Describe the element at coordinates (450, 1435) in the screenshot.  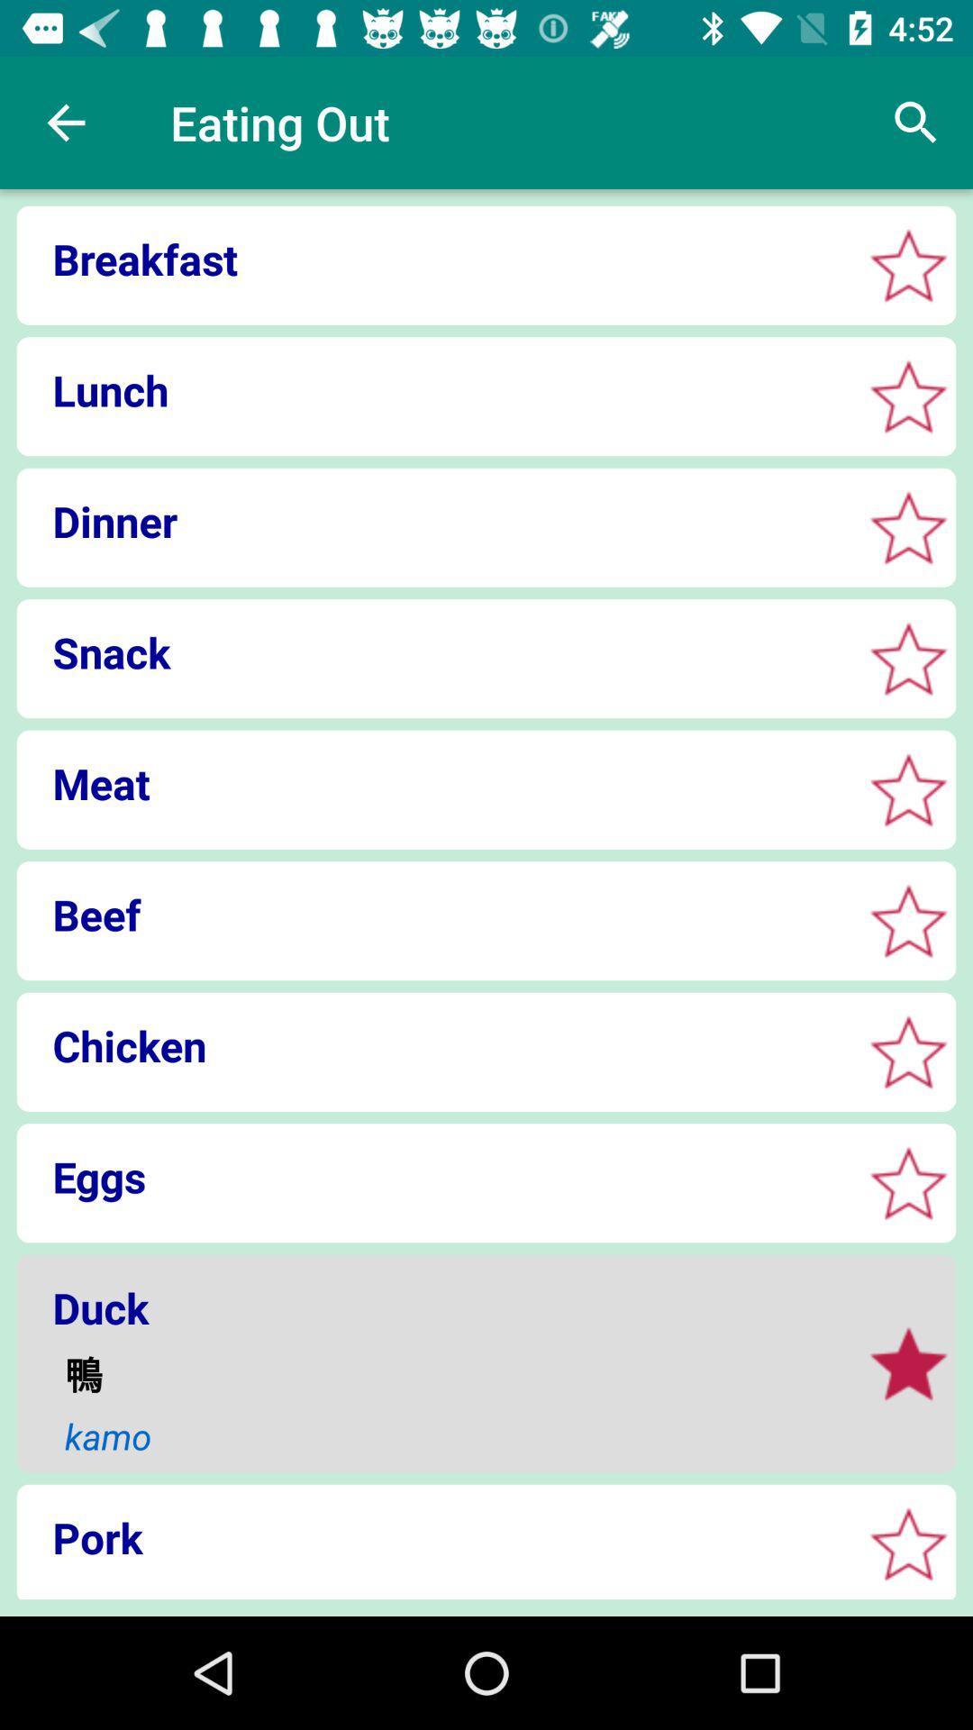
I see `the kamo item` at that location.